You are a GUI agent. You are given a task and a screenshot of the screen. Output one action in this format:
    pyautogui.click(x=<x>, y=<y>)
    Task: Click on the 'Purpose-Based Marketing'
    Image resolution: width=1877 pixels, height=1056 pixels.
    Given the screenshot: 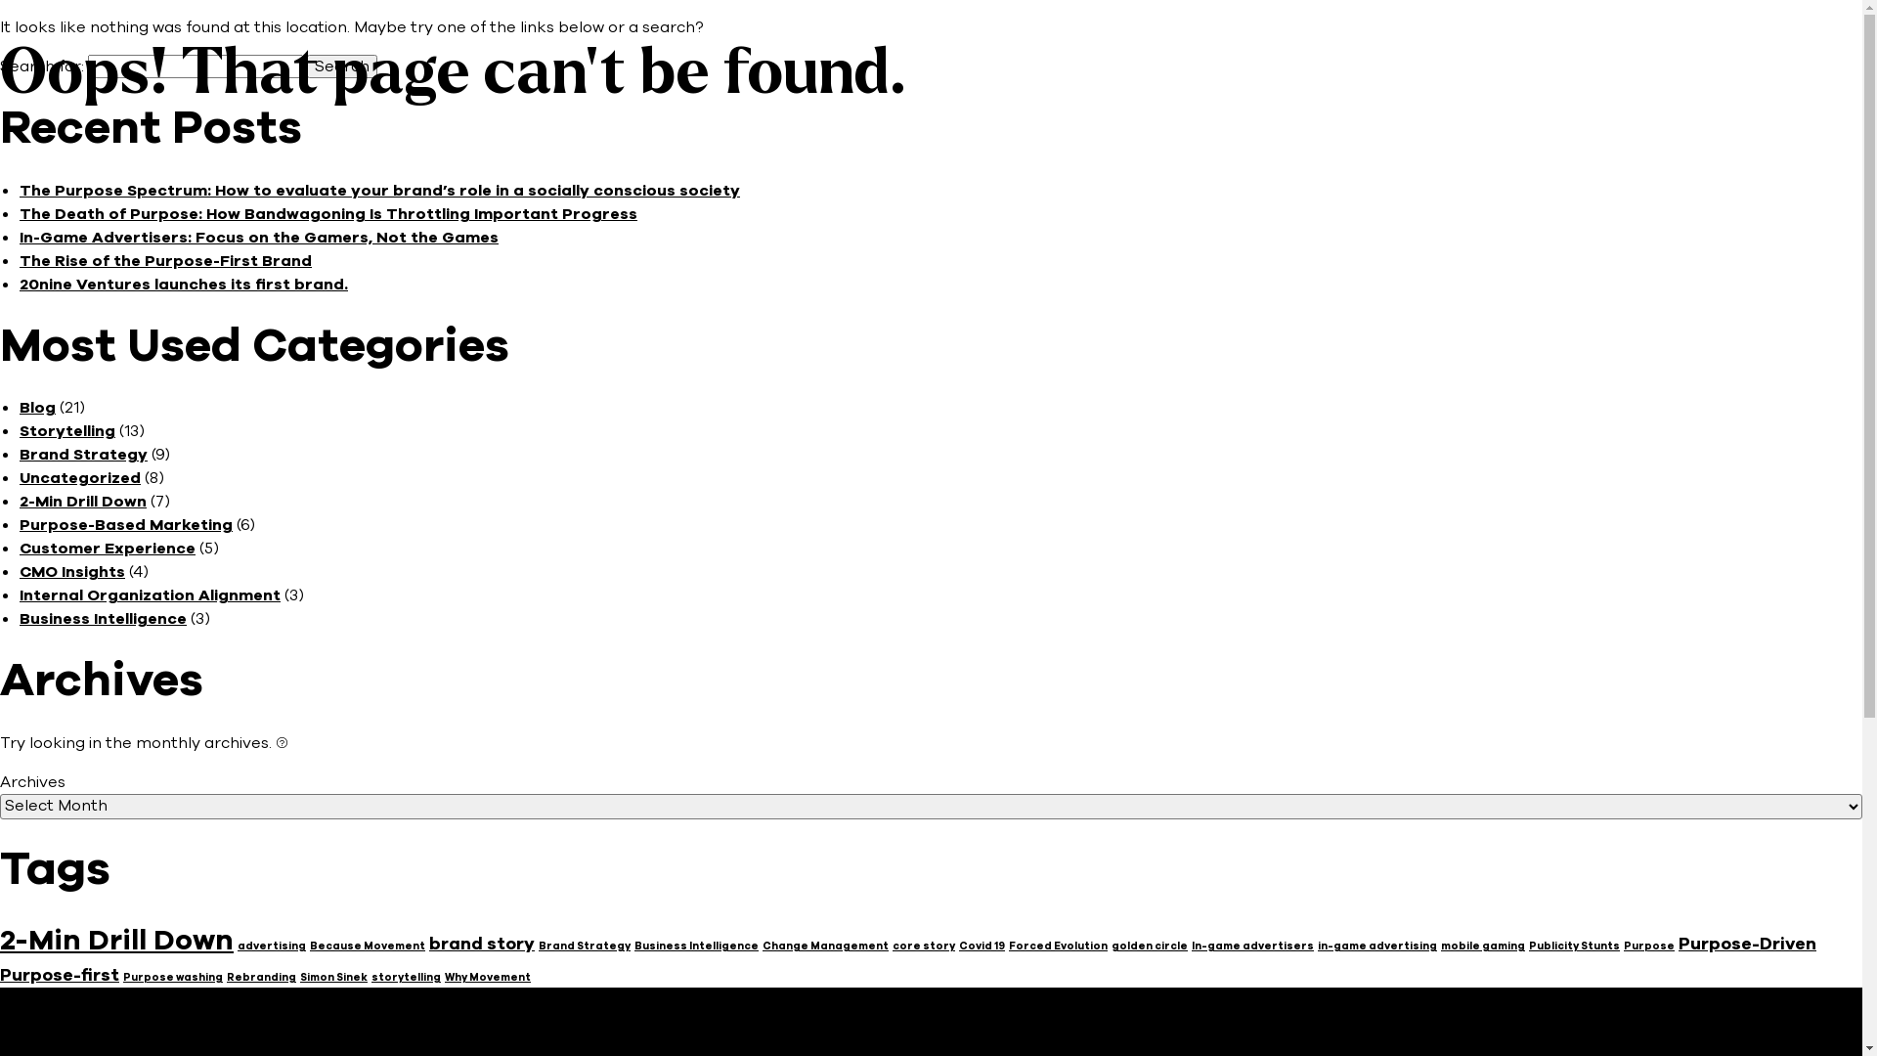 What is the action you would take?
    pyautogui.click(x=19, y=523)
    